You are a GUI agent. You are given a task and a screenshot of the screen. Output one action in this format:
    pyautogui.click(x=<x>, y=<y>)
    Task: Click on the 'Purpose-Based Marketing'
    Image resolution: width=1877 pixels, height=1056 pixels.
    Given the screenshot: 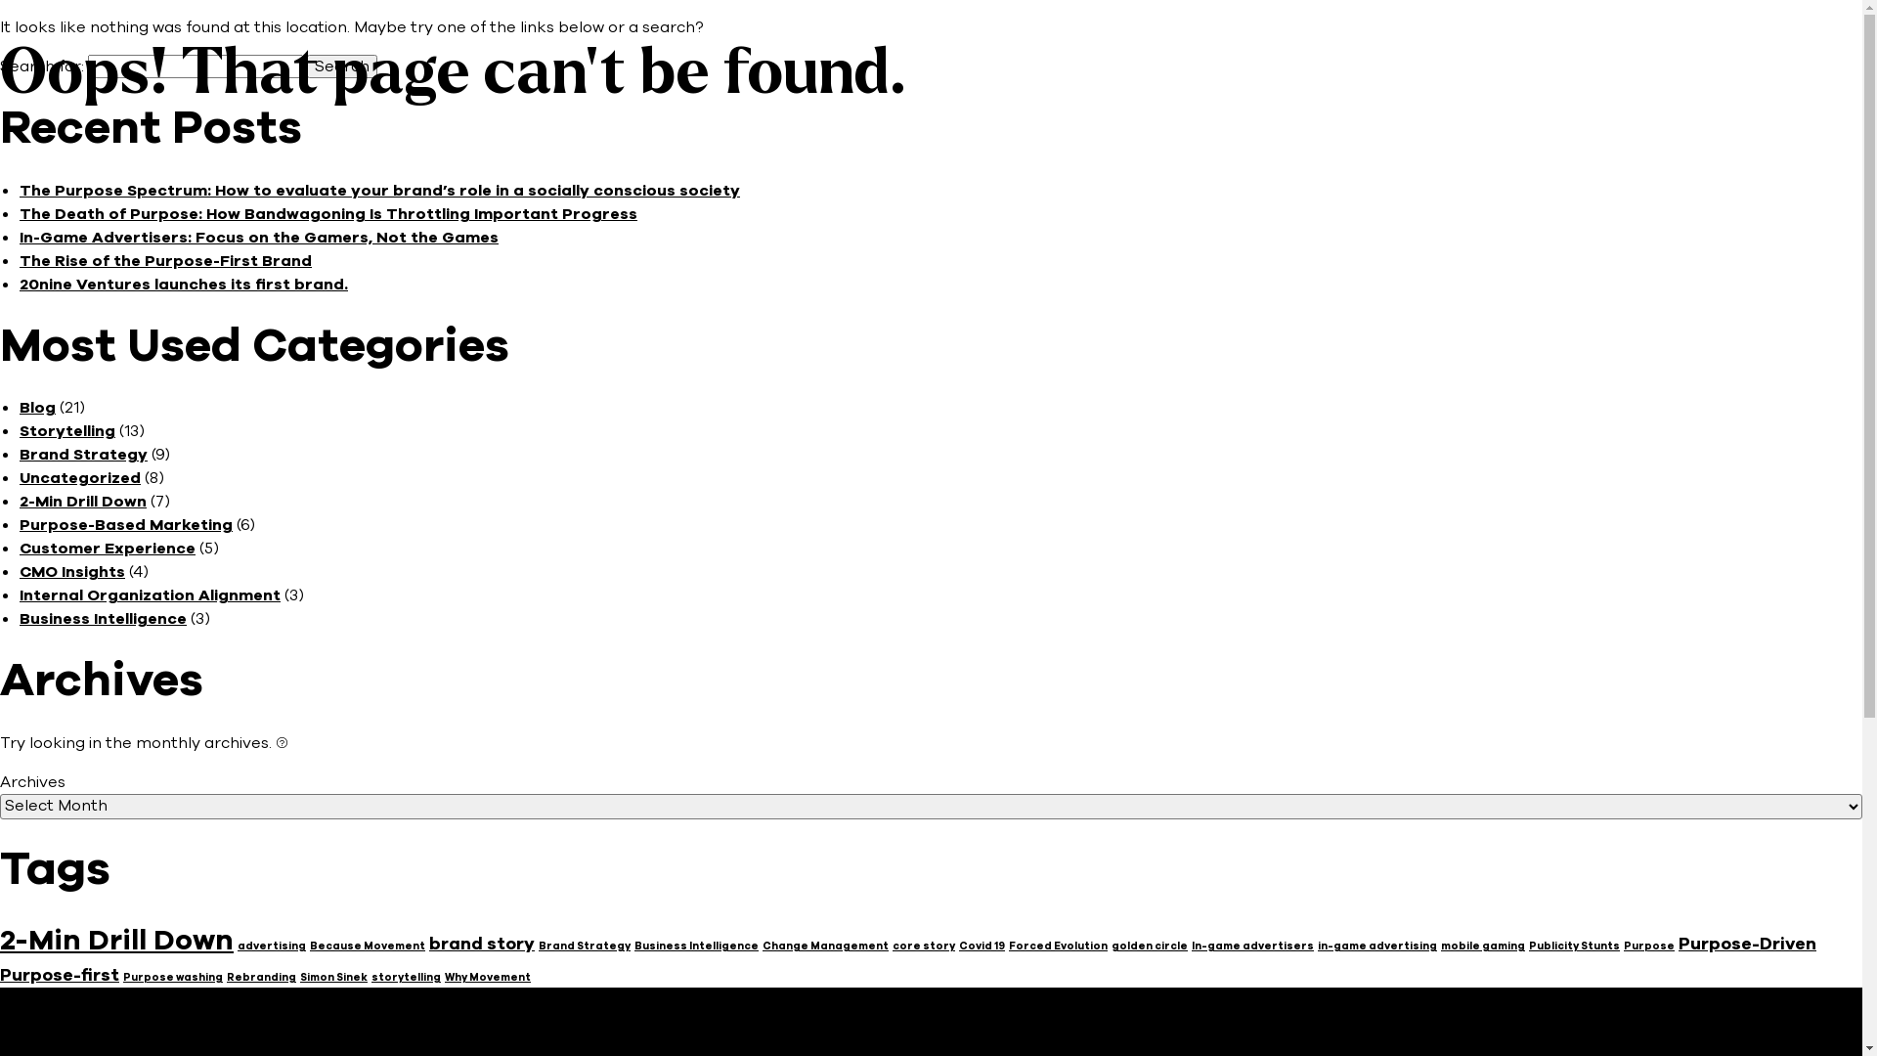 What is the action you would take?
    pyautogui.click(x=19, y=523)
    